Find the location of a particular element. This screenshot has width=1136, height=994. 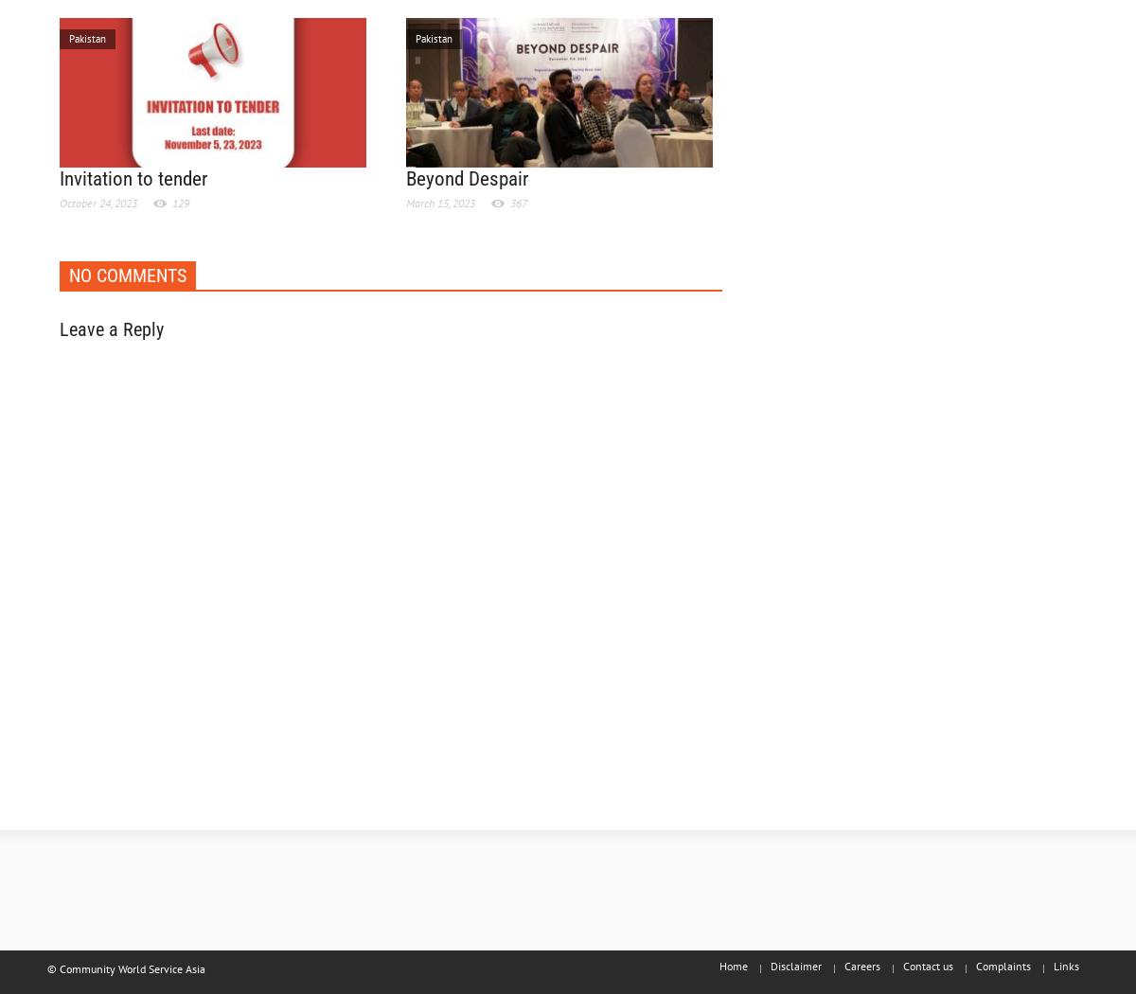

'Invitation to tender' is located at coordinates (133, 178).